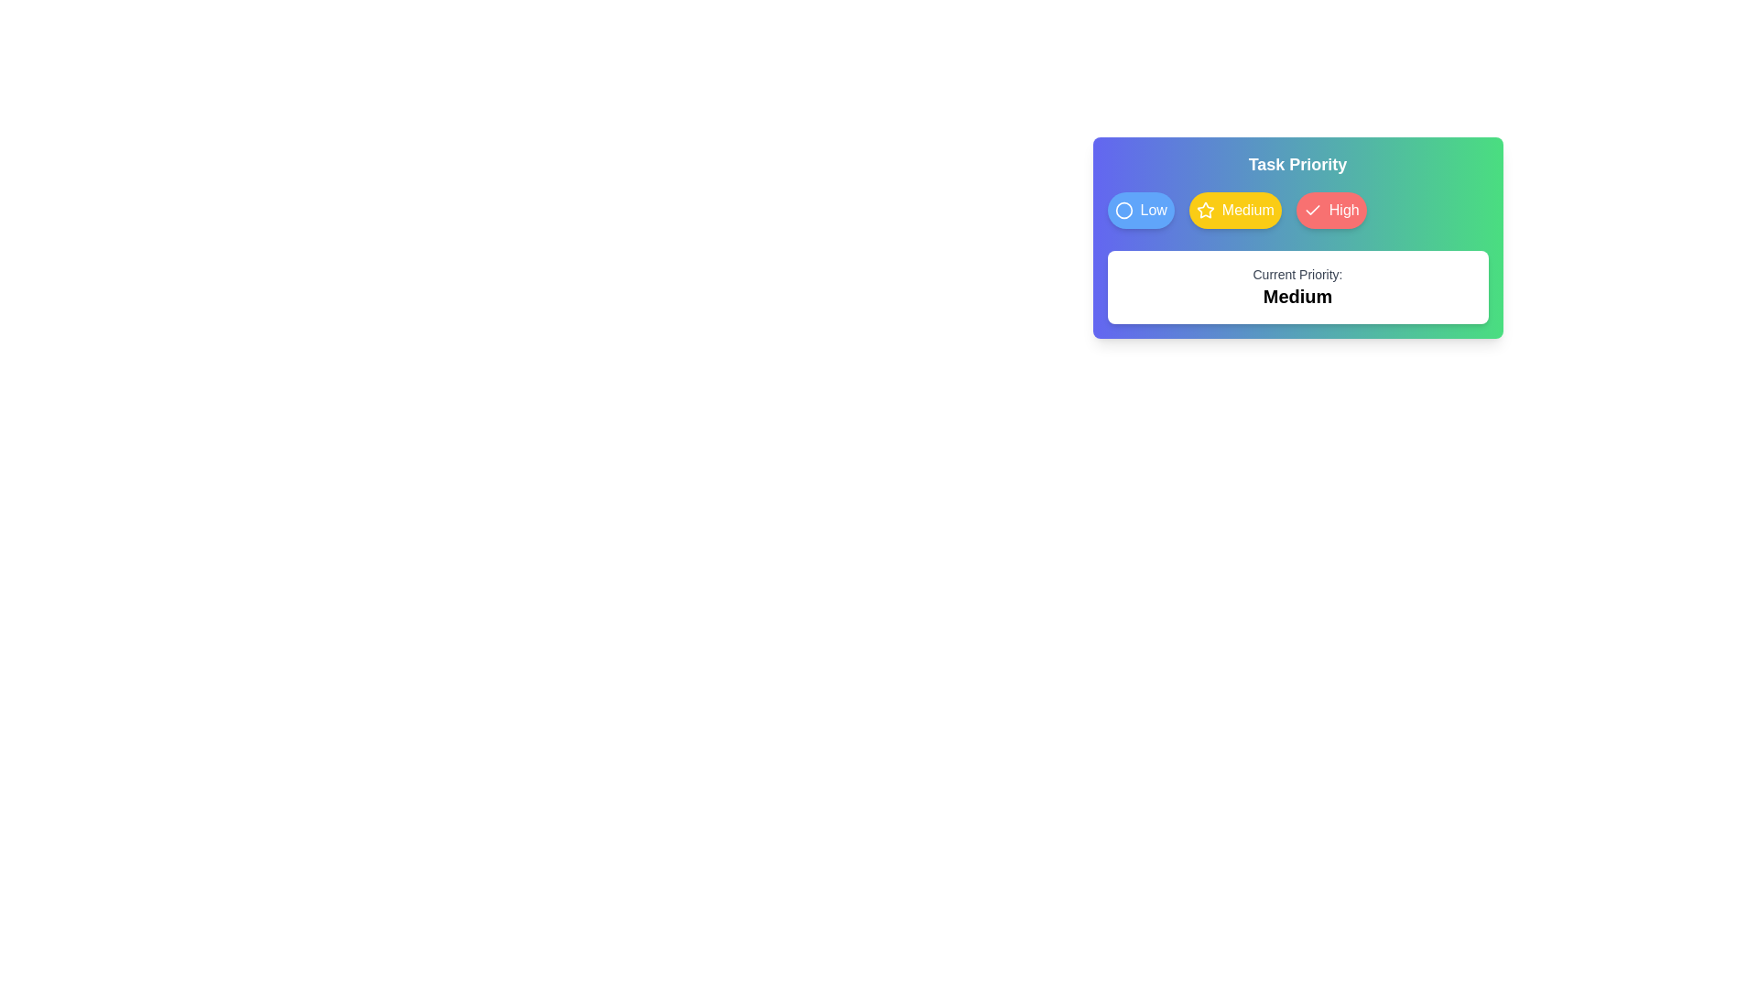 This screenshot has width=1758, height=989. Describe the element at coordinates (1247, 210) in the screenshot. I see `the 'Medium' button which is a yellow button with white text, located centrally in the task priority selection interface` at that location.